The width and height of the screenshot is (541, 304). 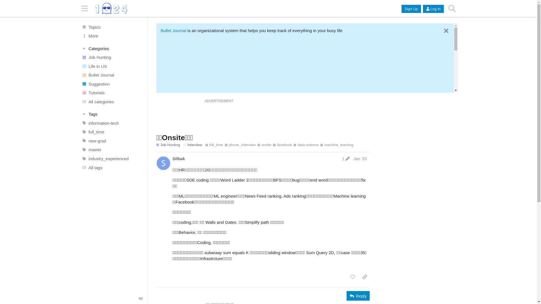 What do you see at coordinates (141, 298) in the screenshot?
I see `'Keyboard Shortcuts'` at bounding box center [141, 298].